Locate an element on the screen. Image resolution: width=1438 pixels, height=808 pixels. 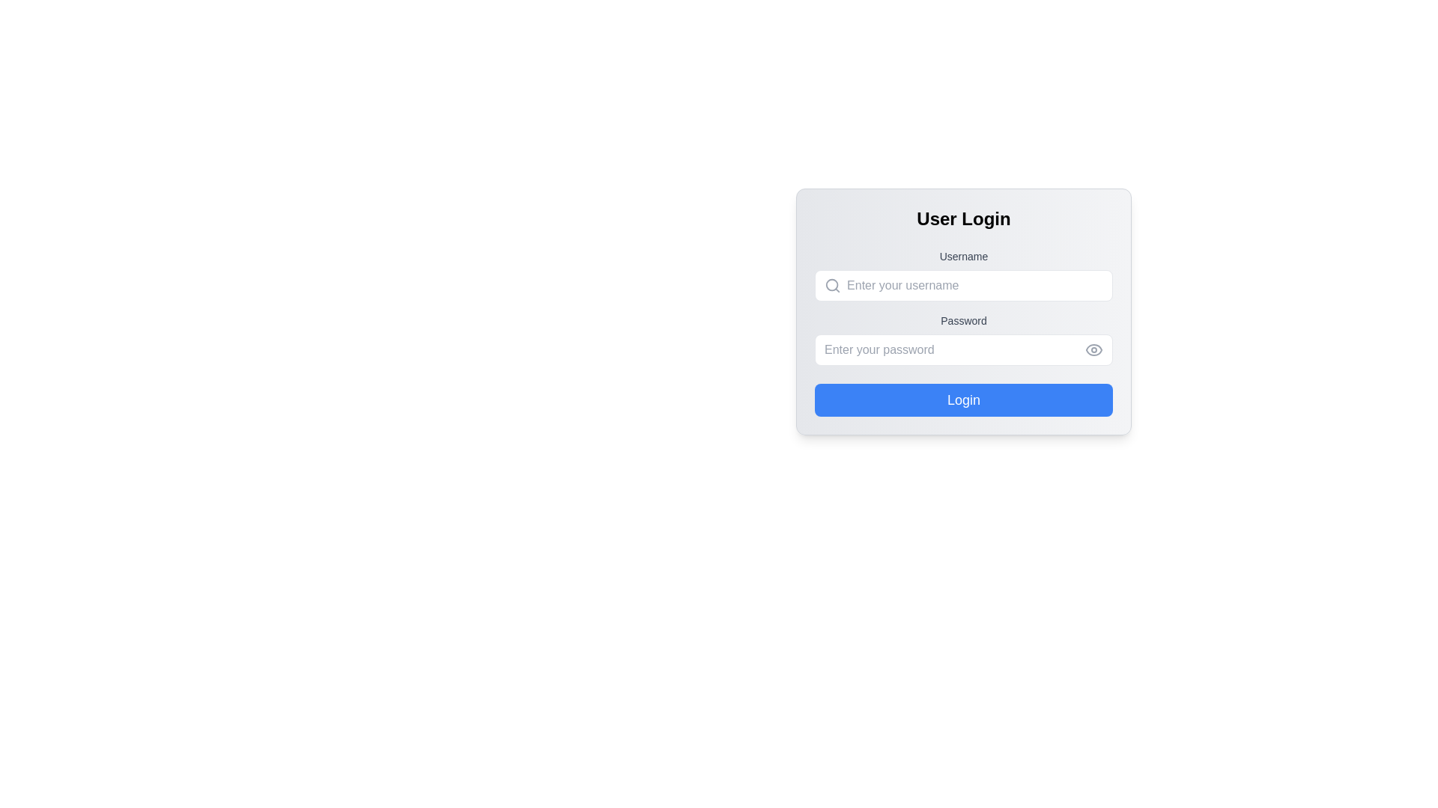
the 'Password' label in the login form, which is styled in gray and positioned below the 'Username' label is located at coordinates (963, 319).